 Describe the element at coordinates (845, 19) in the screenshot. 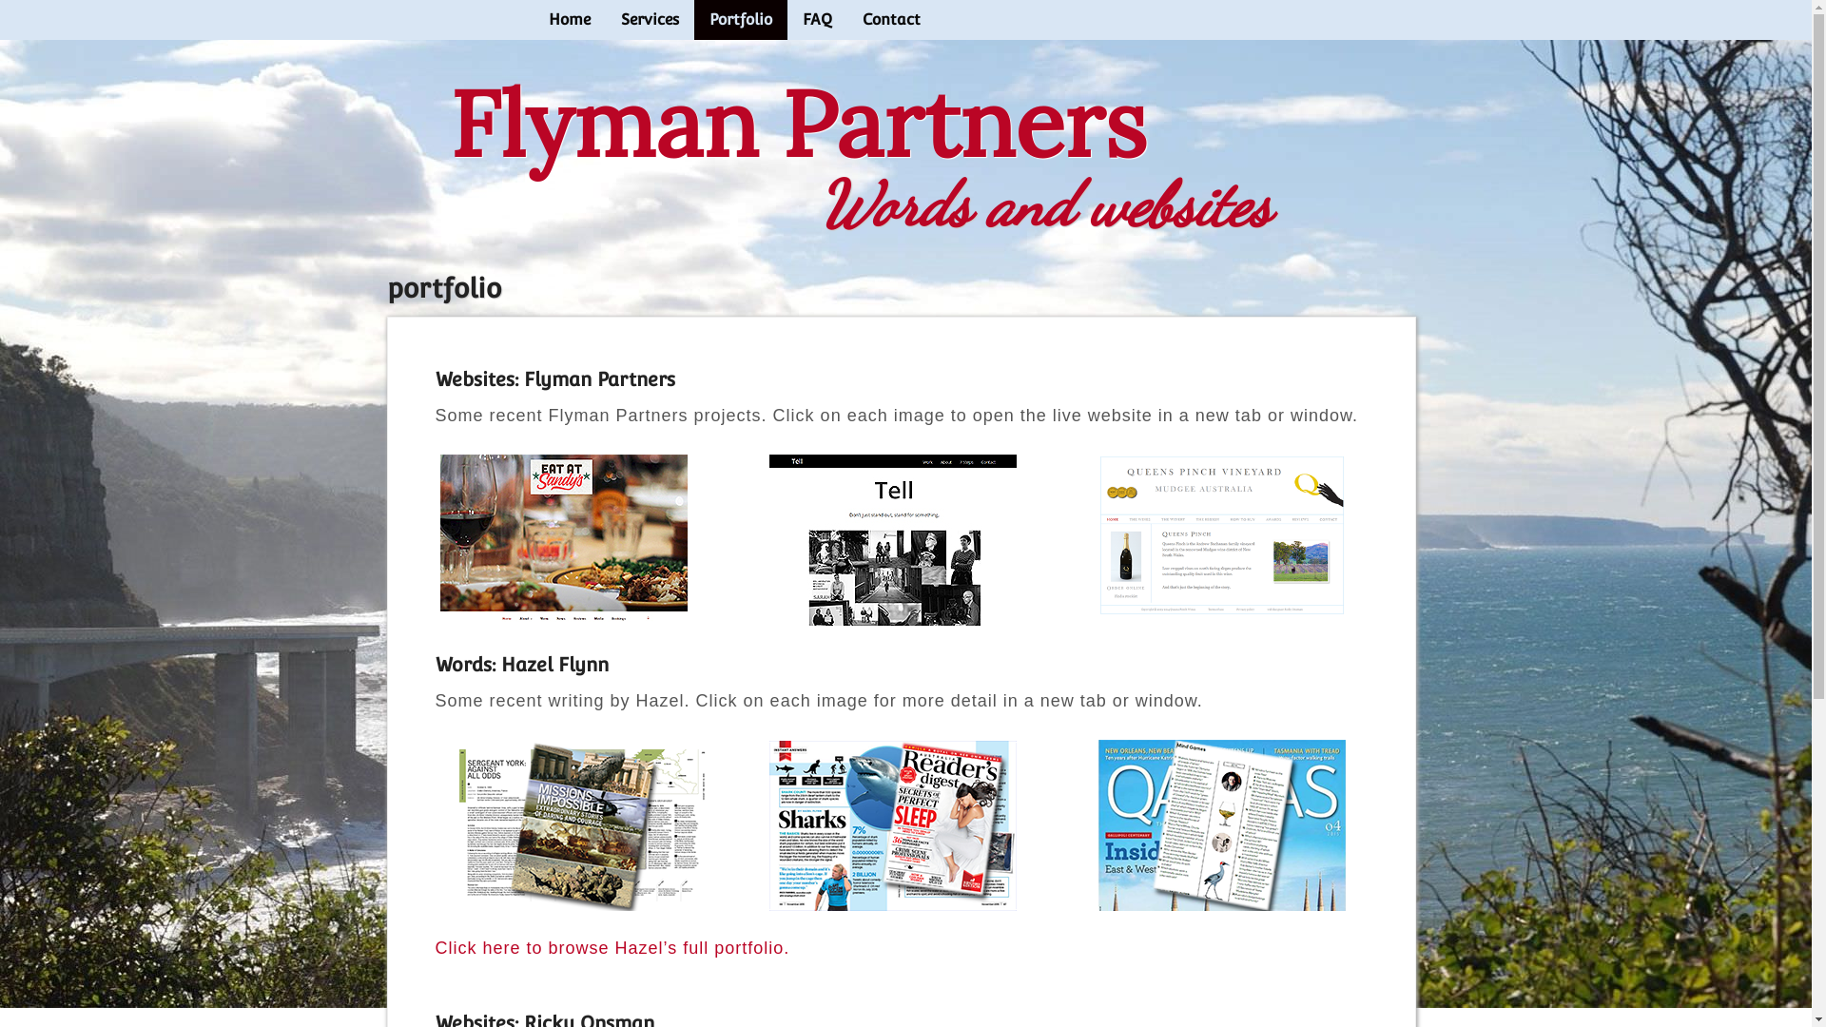

I see `'Contact'` at that location.